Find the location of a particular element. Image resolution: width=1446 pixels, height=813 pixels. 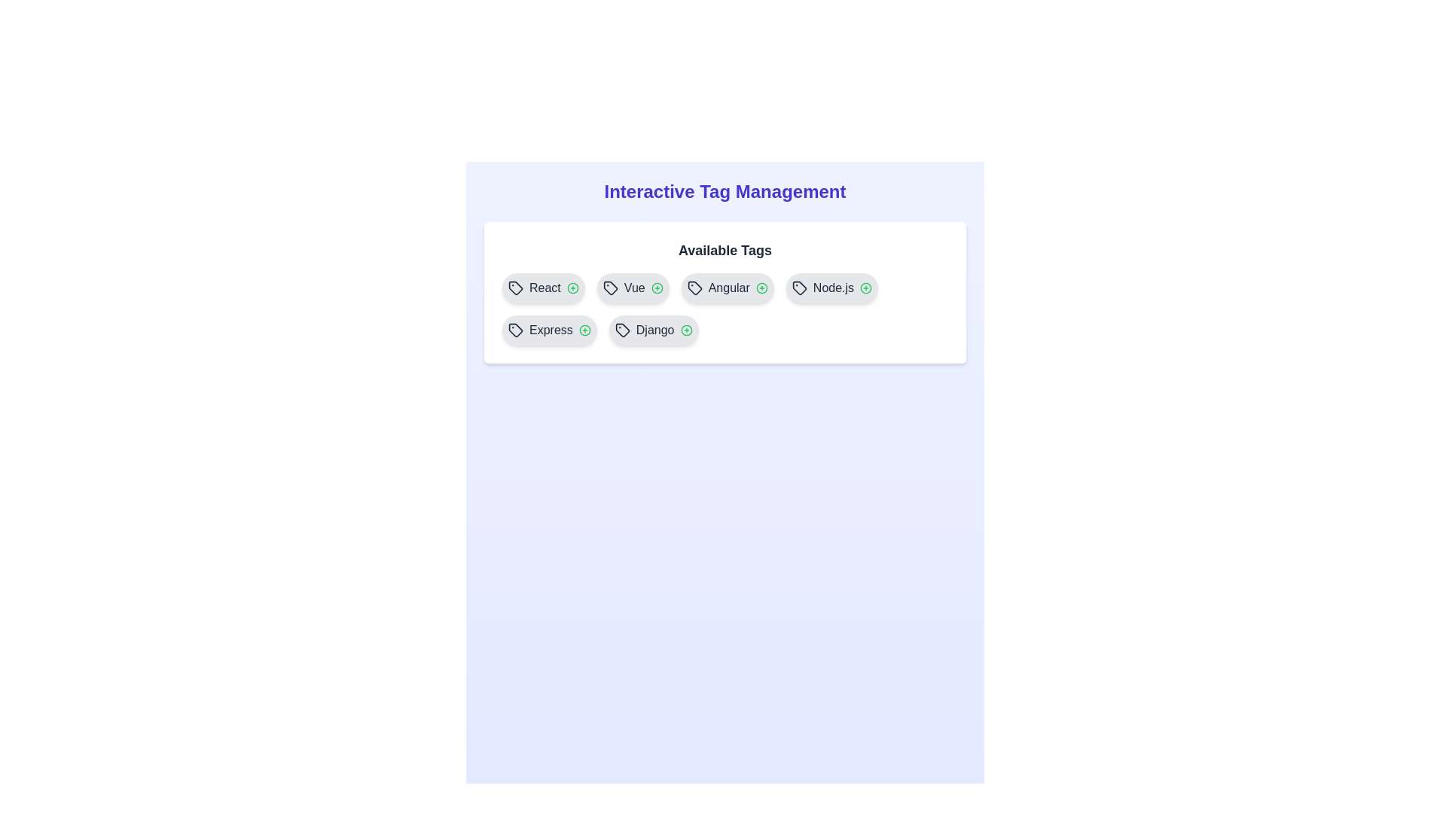

the small green circular icon with a '+' symbol located at the end of the 'Angular' tag in the interactive tag management interface is located at coordinates (761, 288).